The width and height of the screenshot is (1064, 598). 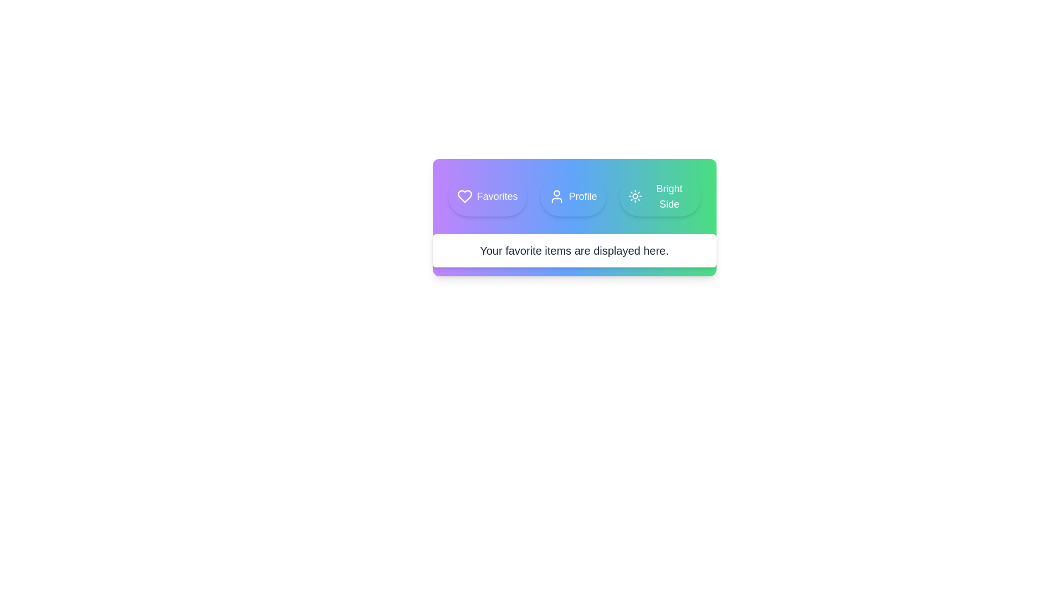 What do you see at coordinates (659, 195) in the screenshot?
I see `the Bright Side tab to view its content` at bounding box center [659, 195].